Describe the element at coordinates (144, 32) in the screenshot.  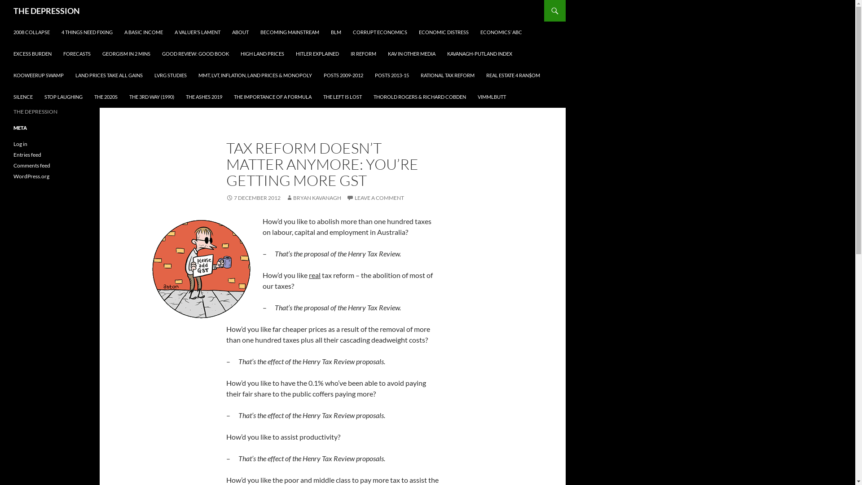
I see `'A BASIC INCOME'` at that location.